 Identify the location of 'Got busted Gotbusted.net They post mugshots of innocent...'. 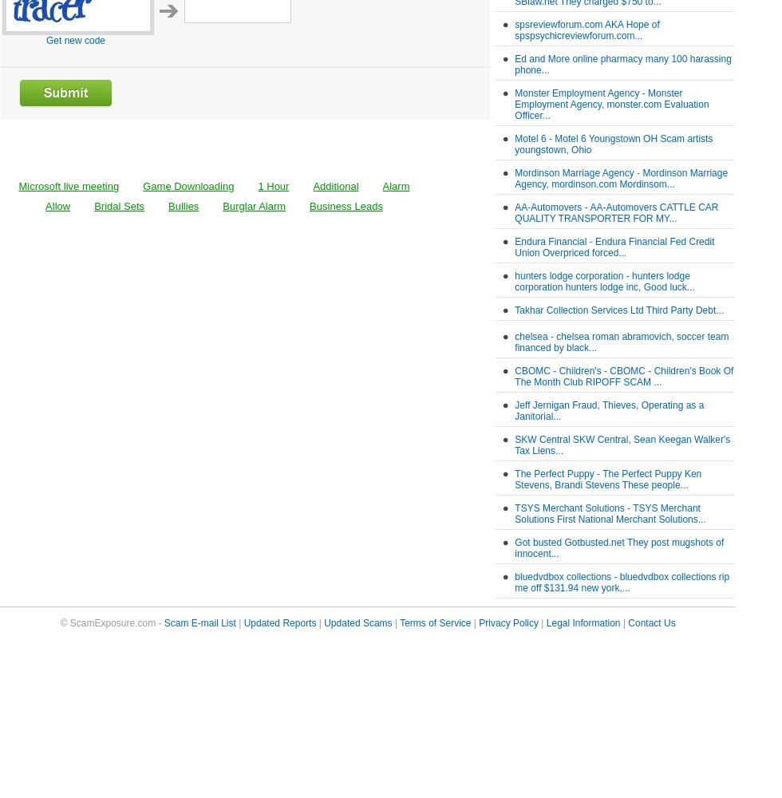
(618, 548).